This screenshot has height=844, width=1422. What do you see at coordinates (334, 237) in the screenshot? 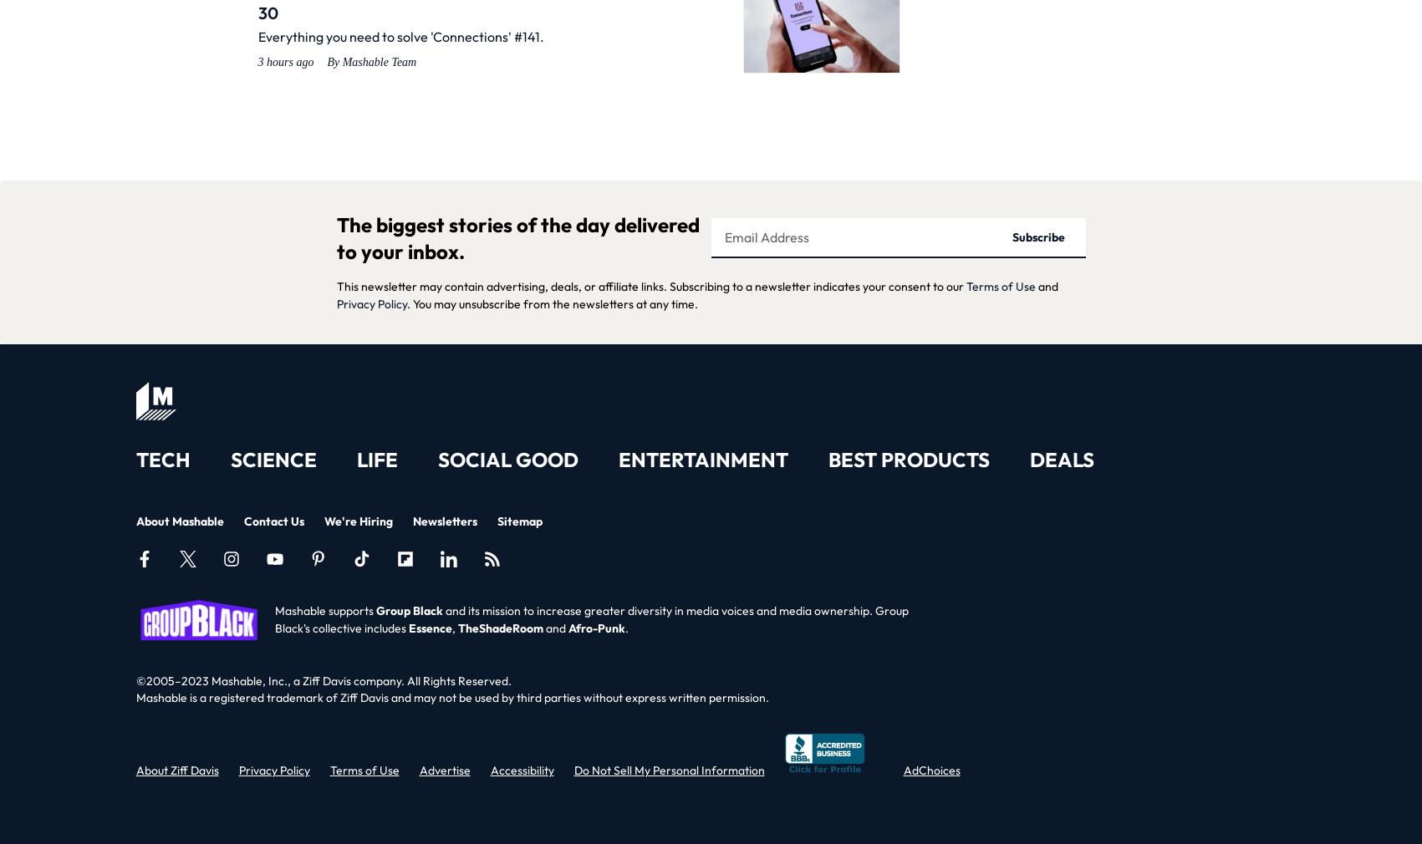
I see `'The biggest stories of the day delivered to your inbox.'` at bounding box center [334, 237].